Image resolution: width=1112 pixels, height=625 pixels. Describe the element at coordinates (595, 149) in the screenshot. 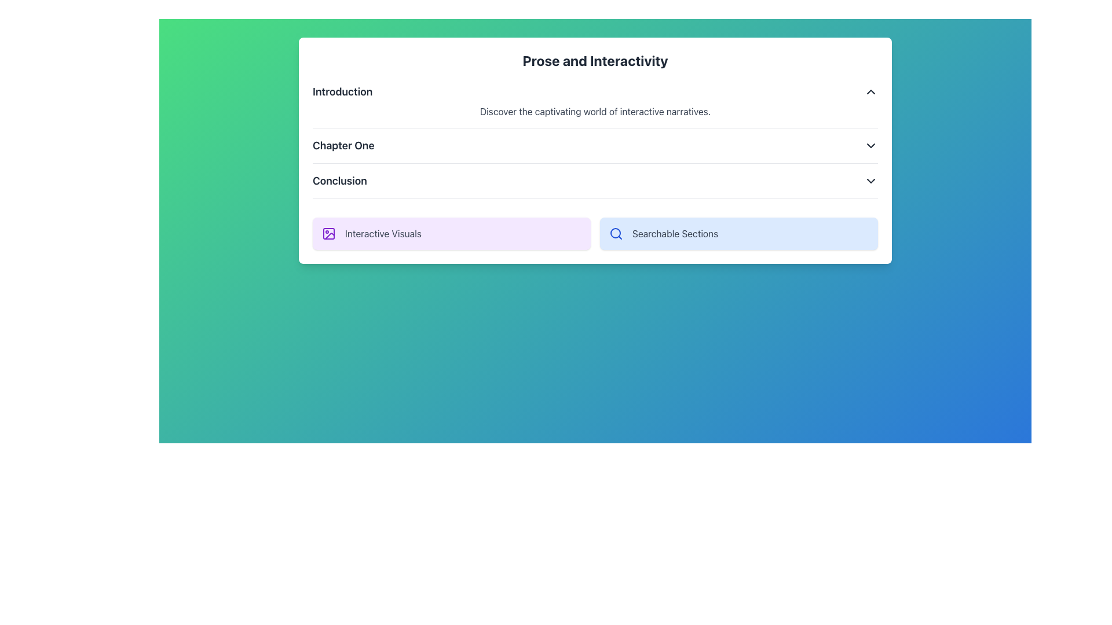

I see `the expandable section list item titled 'Chapter One' located under 'Prose and Interactivity' to trigger the interactive effect` at that location.